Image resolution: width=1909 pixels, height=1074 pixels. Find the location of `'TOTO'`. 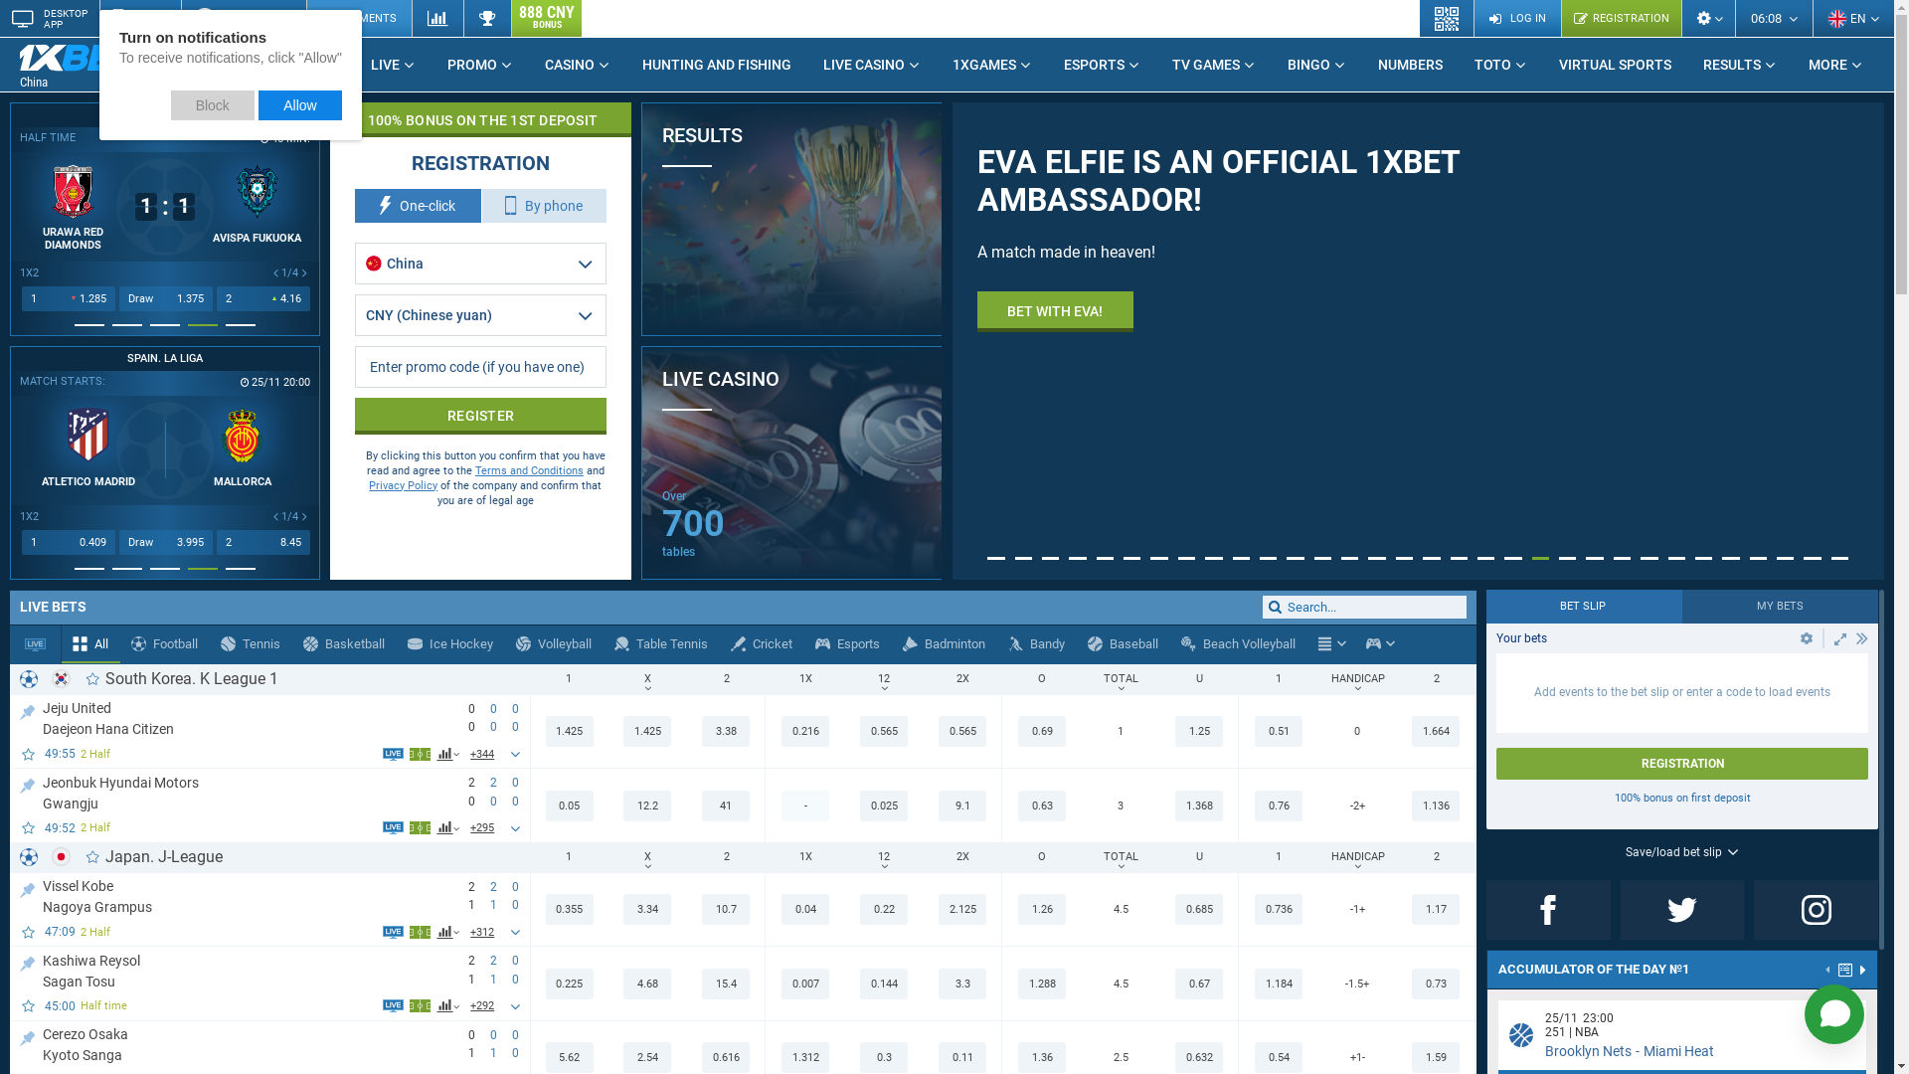

'TOTO' is located at coordinates (1500, 64).